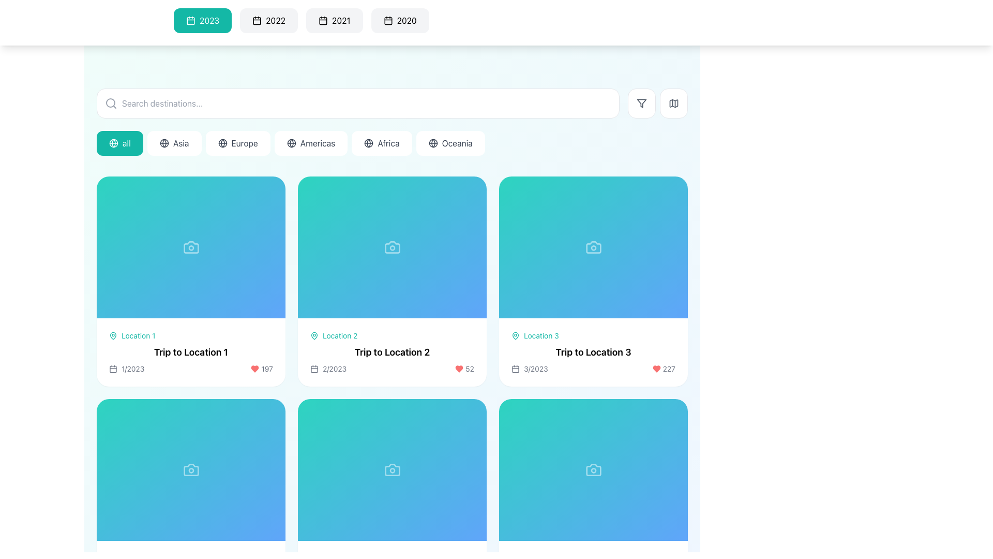  I want to click on the decorative 'likes' icon located in the lower-right corner of the card for 'Trip to Location 1', which is beside the numerical count '197', so click(255, 368).